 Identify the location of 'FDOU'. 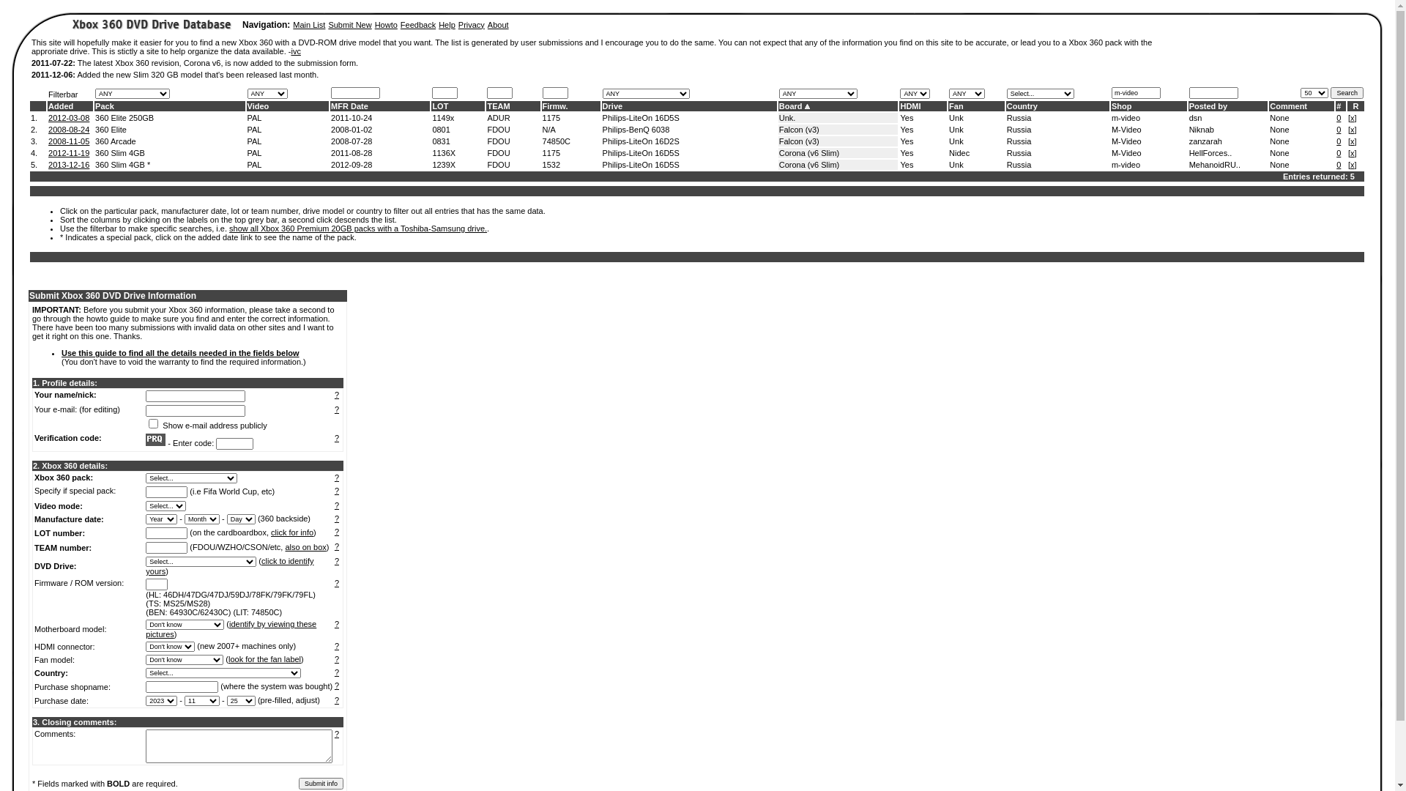
(487, 141).